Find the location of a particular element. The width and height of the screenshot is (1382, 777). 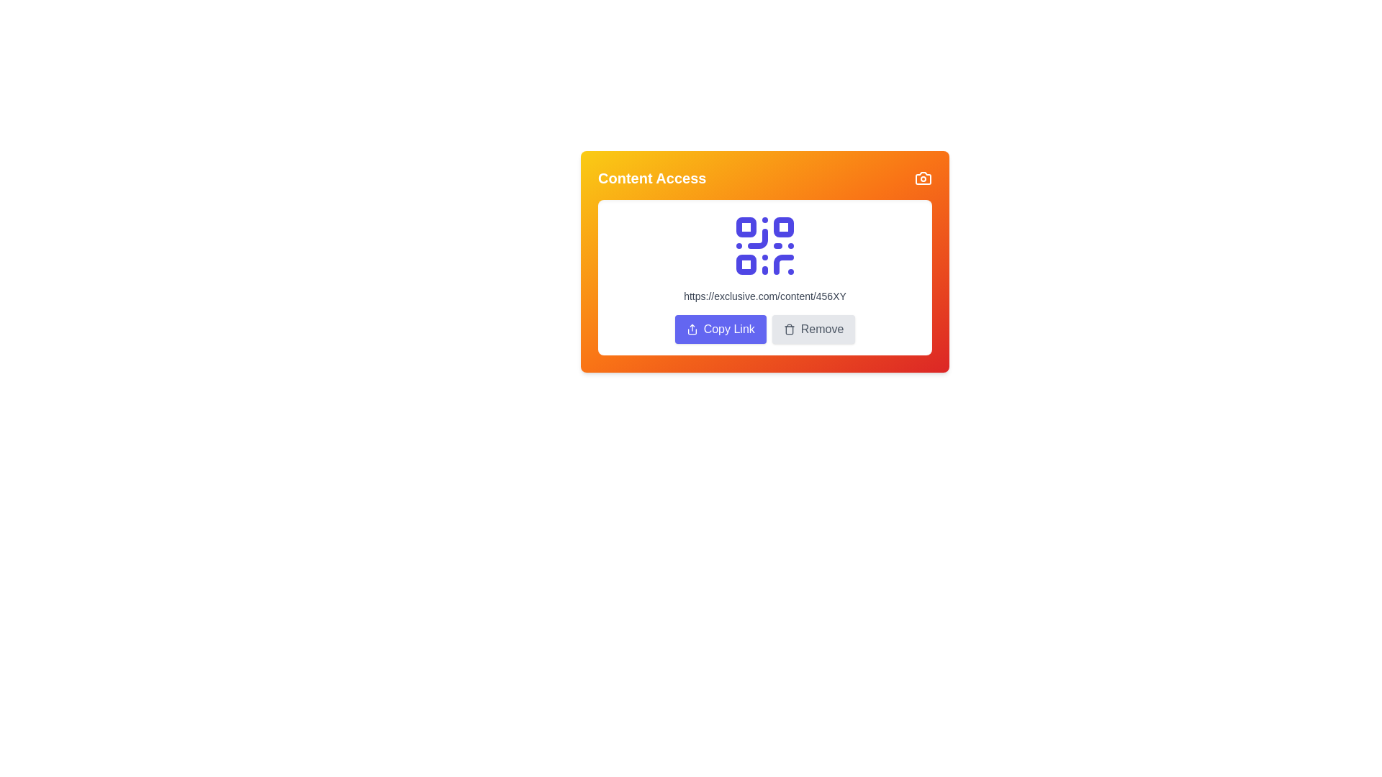

the 'Remove' button, which has a light gray background, rounded corners, a trash bin icon on the left, and is located in the bottom-right area of a card component is located at coordinates (813, 330).